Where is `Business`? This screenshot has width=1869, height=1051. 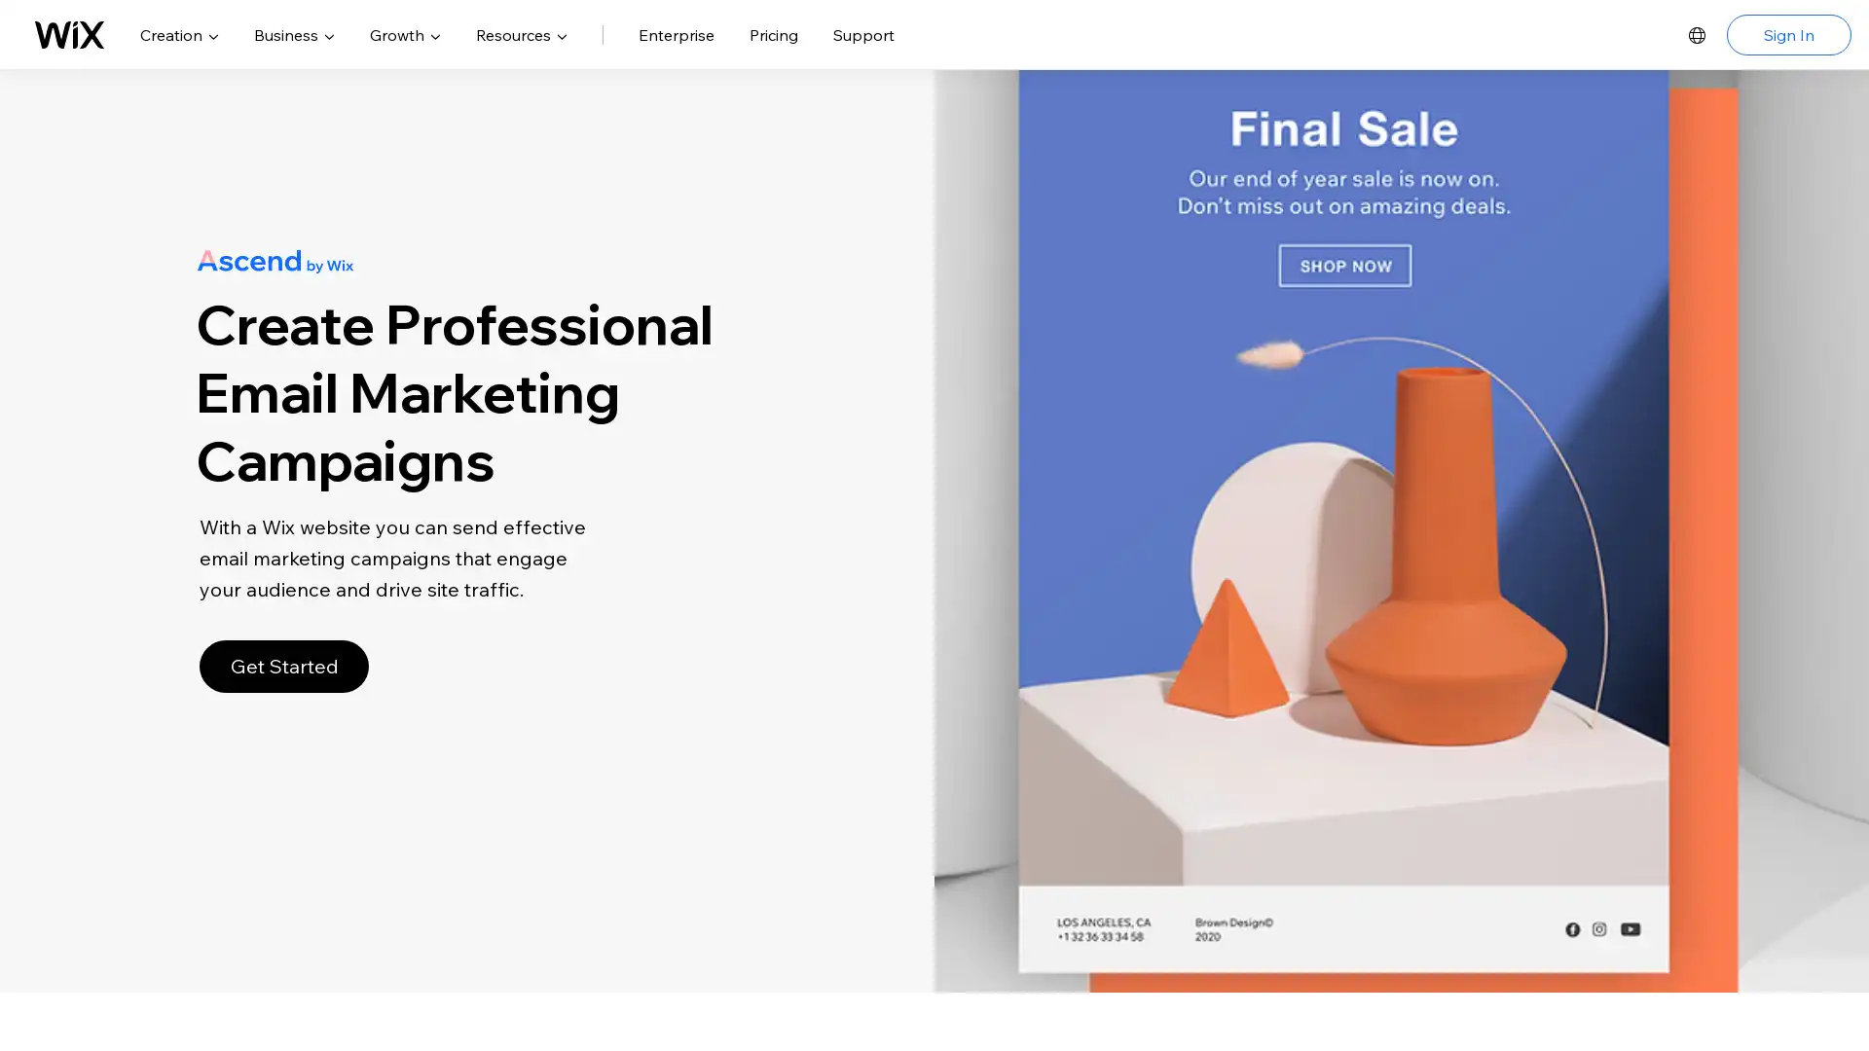 Business is located at coordinates (293, 33).